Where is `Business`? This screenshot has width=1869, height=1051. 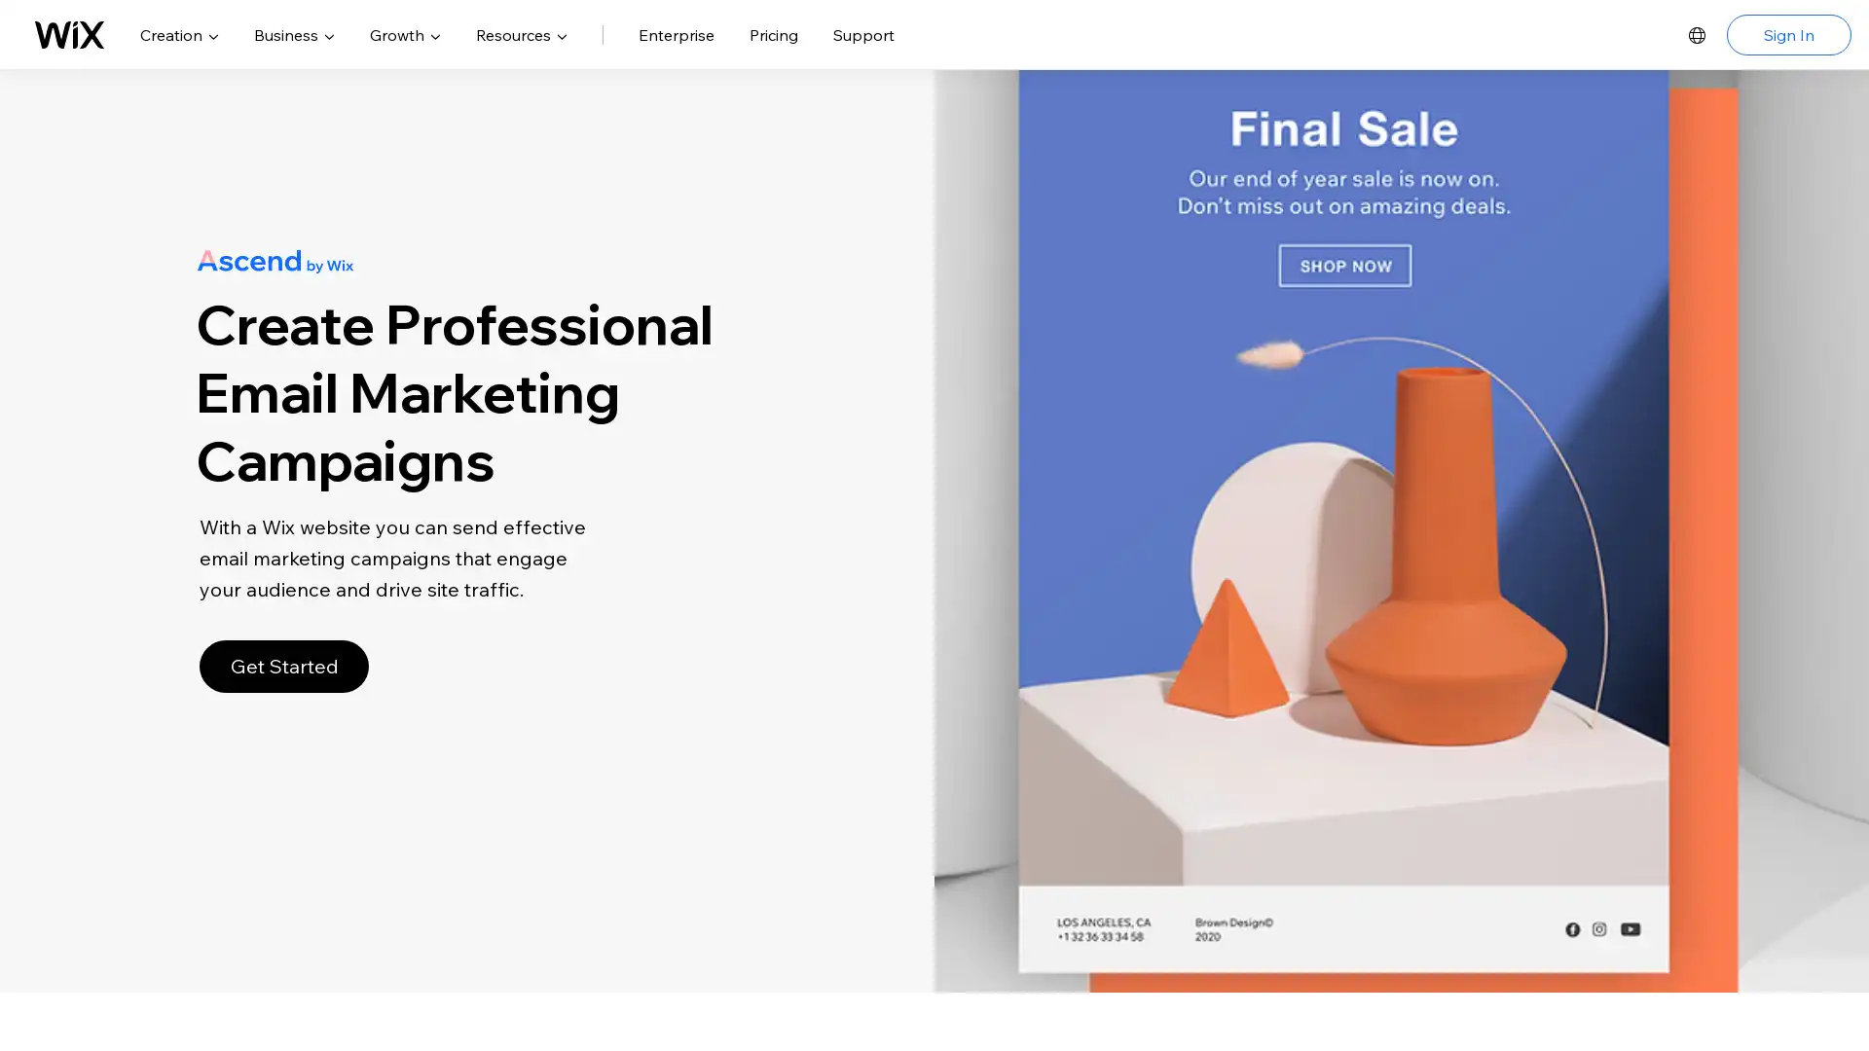 Business is located at coordinates (293, 33).